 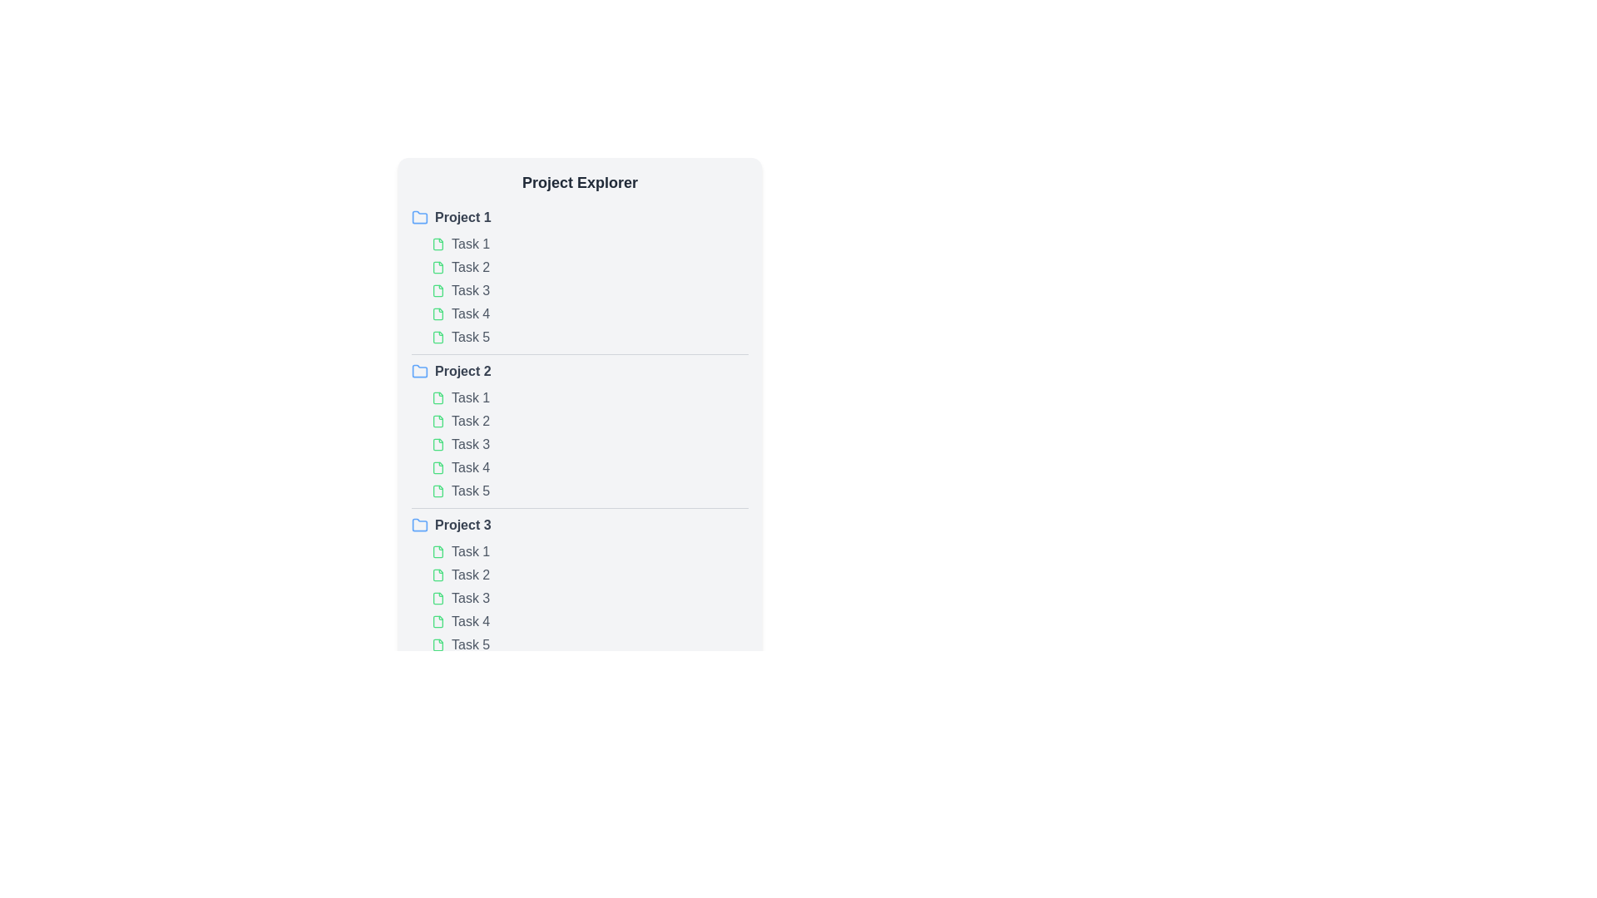 I want to click on the rectangular icon resembling a file or document with a white fill and green outline, located under the list entry labeled 'Task 5' in 'Project 2', so click(x=438, y=490).